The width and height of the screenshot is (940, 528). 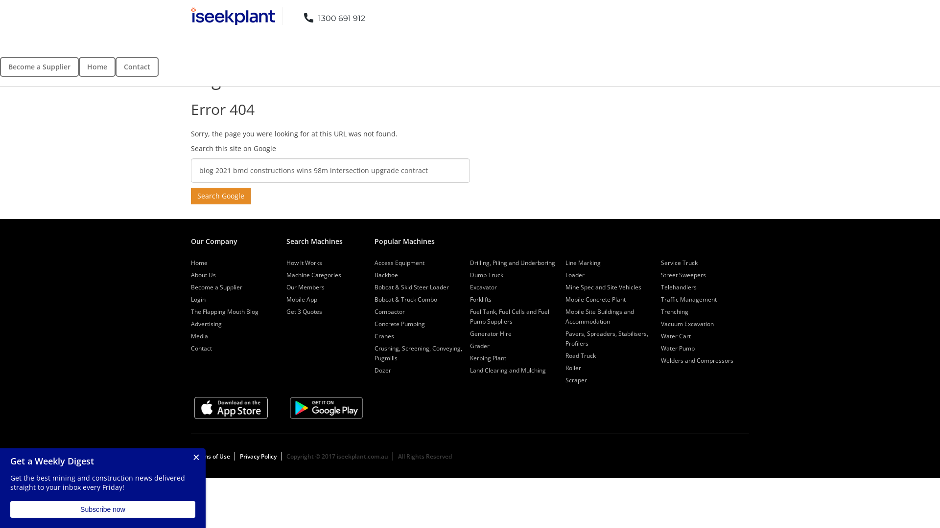 I want to click on 'Mobile Concrete Plant', so click(x=595, y=299).